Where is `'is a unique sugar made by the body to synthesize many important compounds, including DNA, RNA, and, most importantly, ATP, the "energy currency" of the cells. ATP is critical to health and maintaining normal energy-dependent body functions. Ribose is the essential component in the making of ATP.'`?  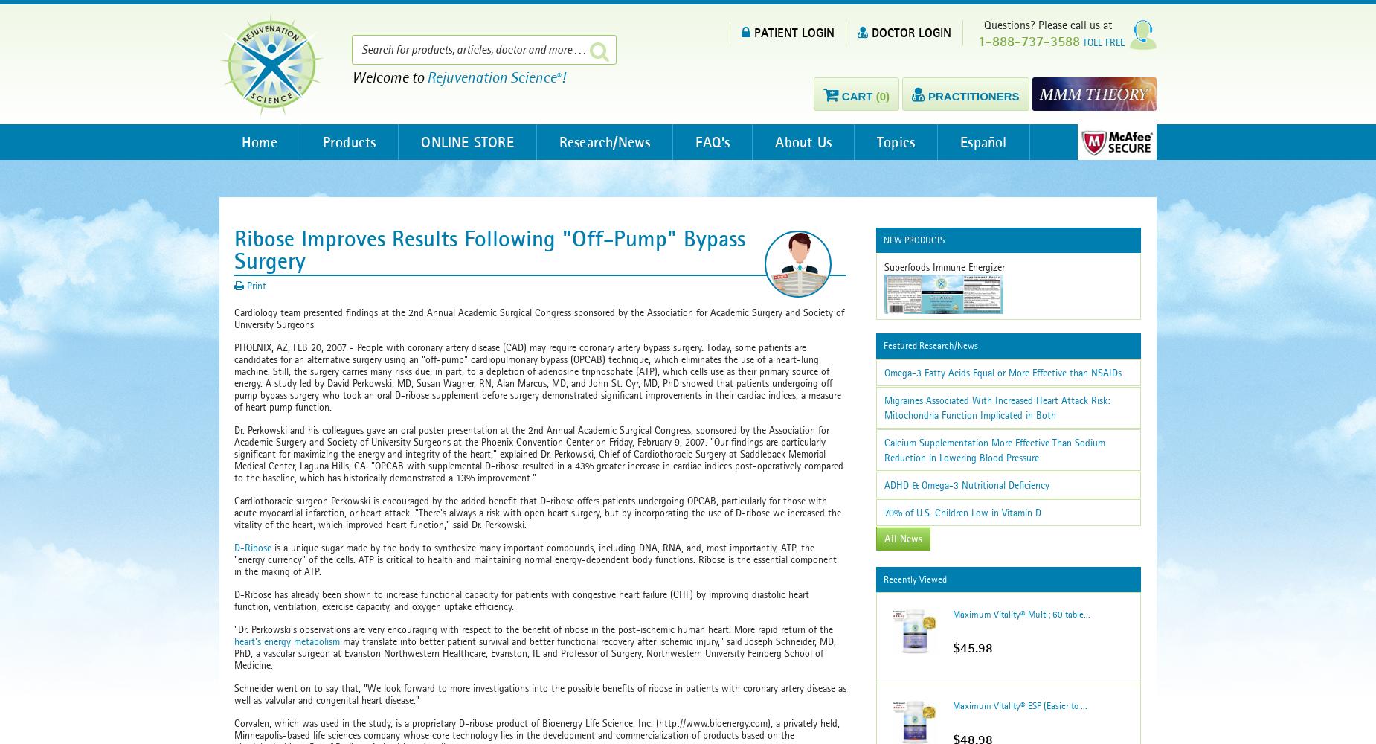
'is a unique sugar made by the body to synthesize many important compounds, including DNA, RNA, and, most importantly, ATP, the "energy currency" of the cells. ATP is critical to health and maintaining normal energy-dependent body functions. Ribose is the essential component in the making of ATP.' is located at coordinates (536, 559).